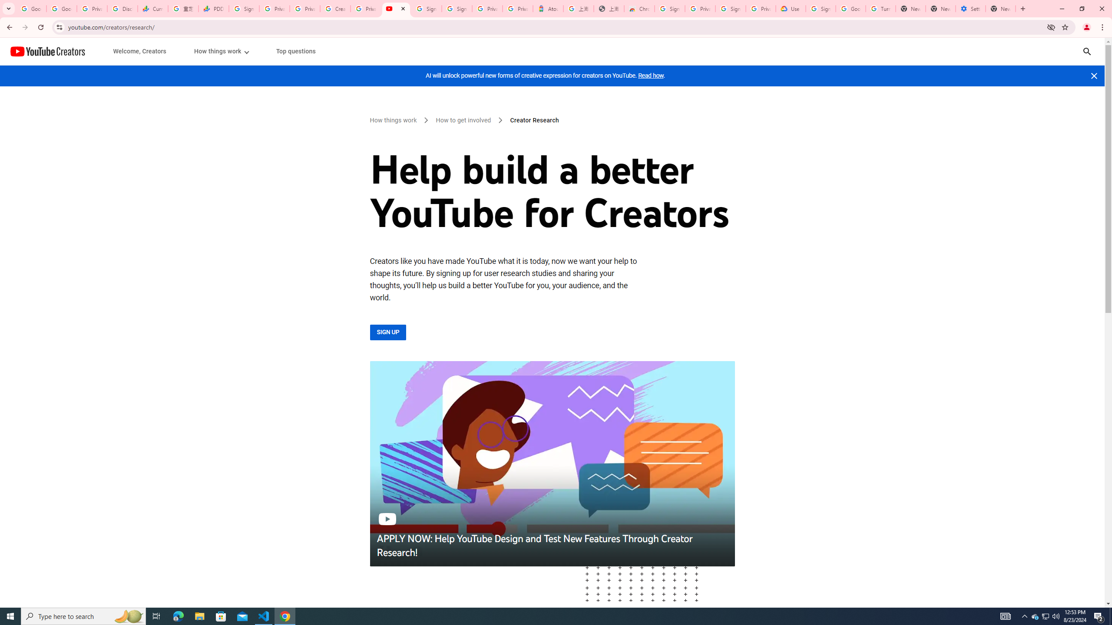  Describe the element at coordinates (295, 51) in the screenshot. I see `'Top questions'` at that location.